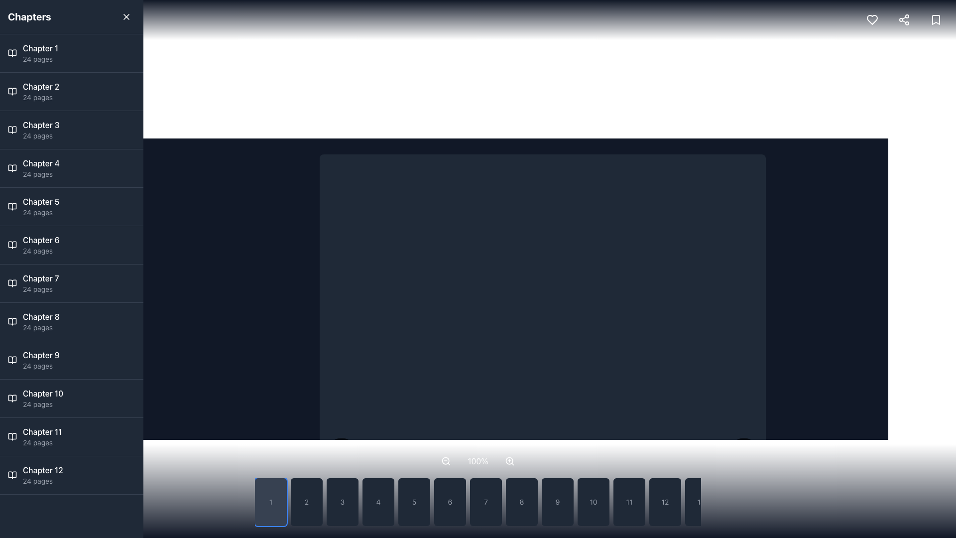 This screenshot has height=538, width=956. I want to click on the list item displaying 'Chapter 4 24 pages', so click(40, 168).